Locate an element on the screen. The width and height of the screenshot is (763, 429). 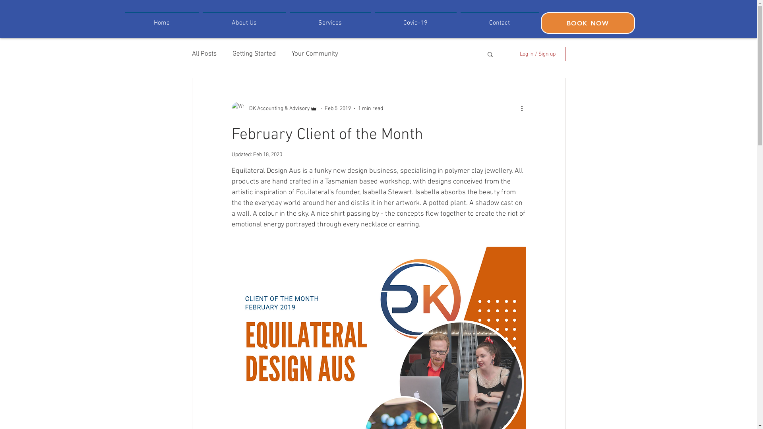
'Covid-19' is located at coordinates (415, 19).